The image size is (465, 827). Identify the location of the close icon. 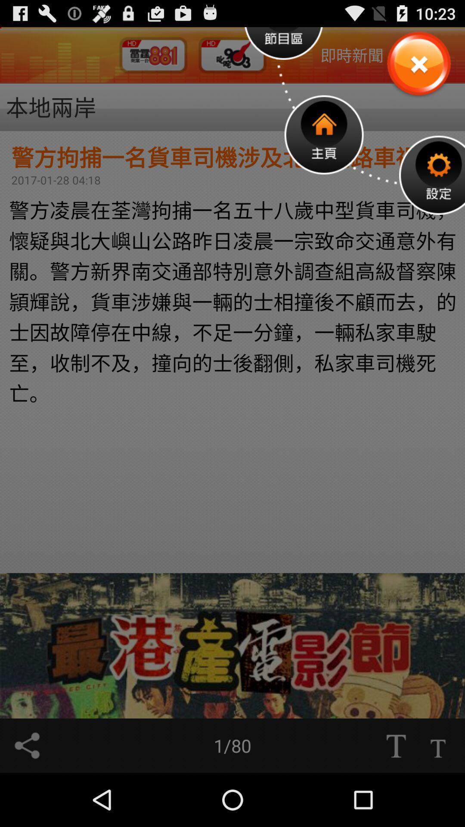
(418, 69).